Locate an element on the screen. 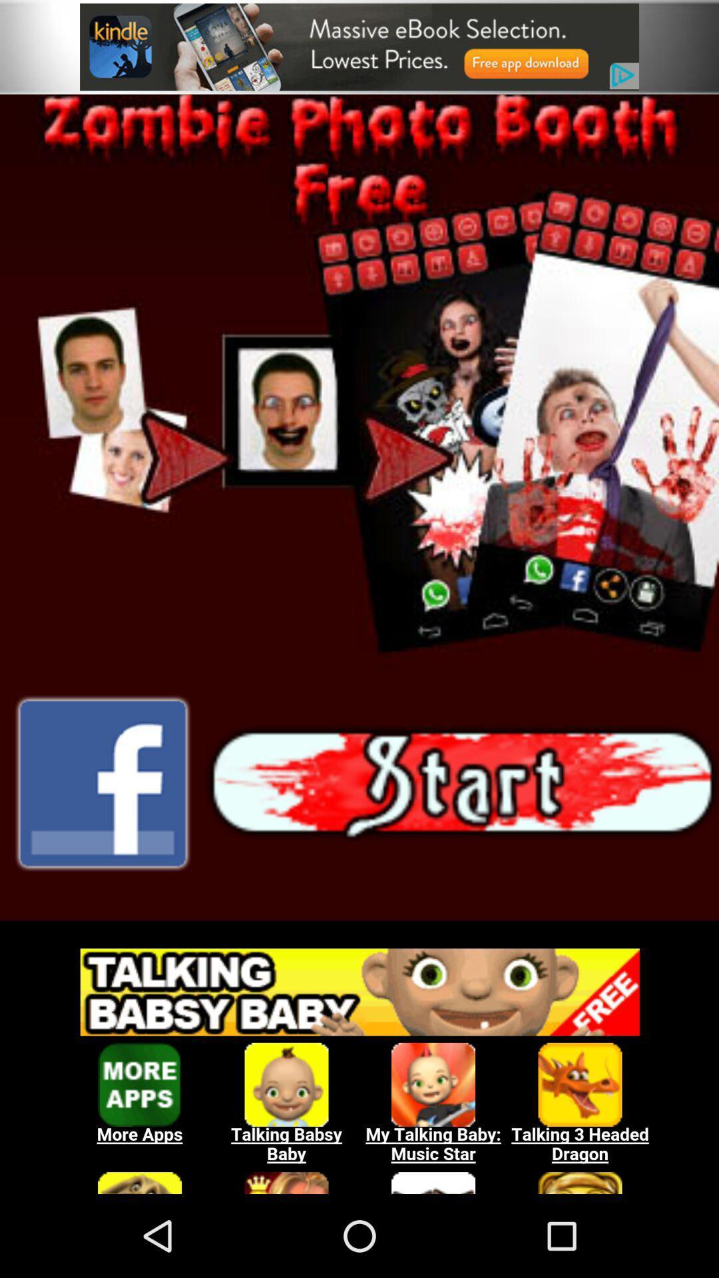 This screenshot has height=1278, width=719. sponsor advertisement for talking babsy baby and other related games is located at coordinates (359, 1063).